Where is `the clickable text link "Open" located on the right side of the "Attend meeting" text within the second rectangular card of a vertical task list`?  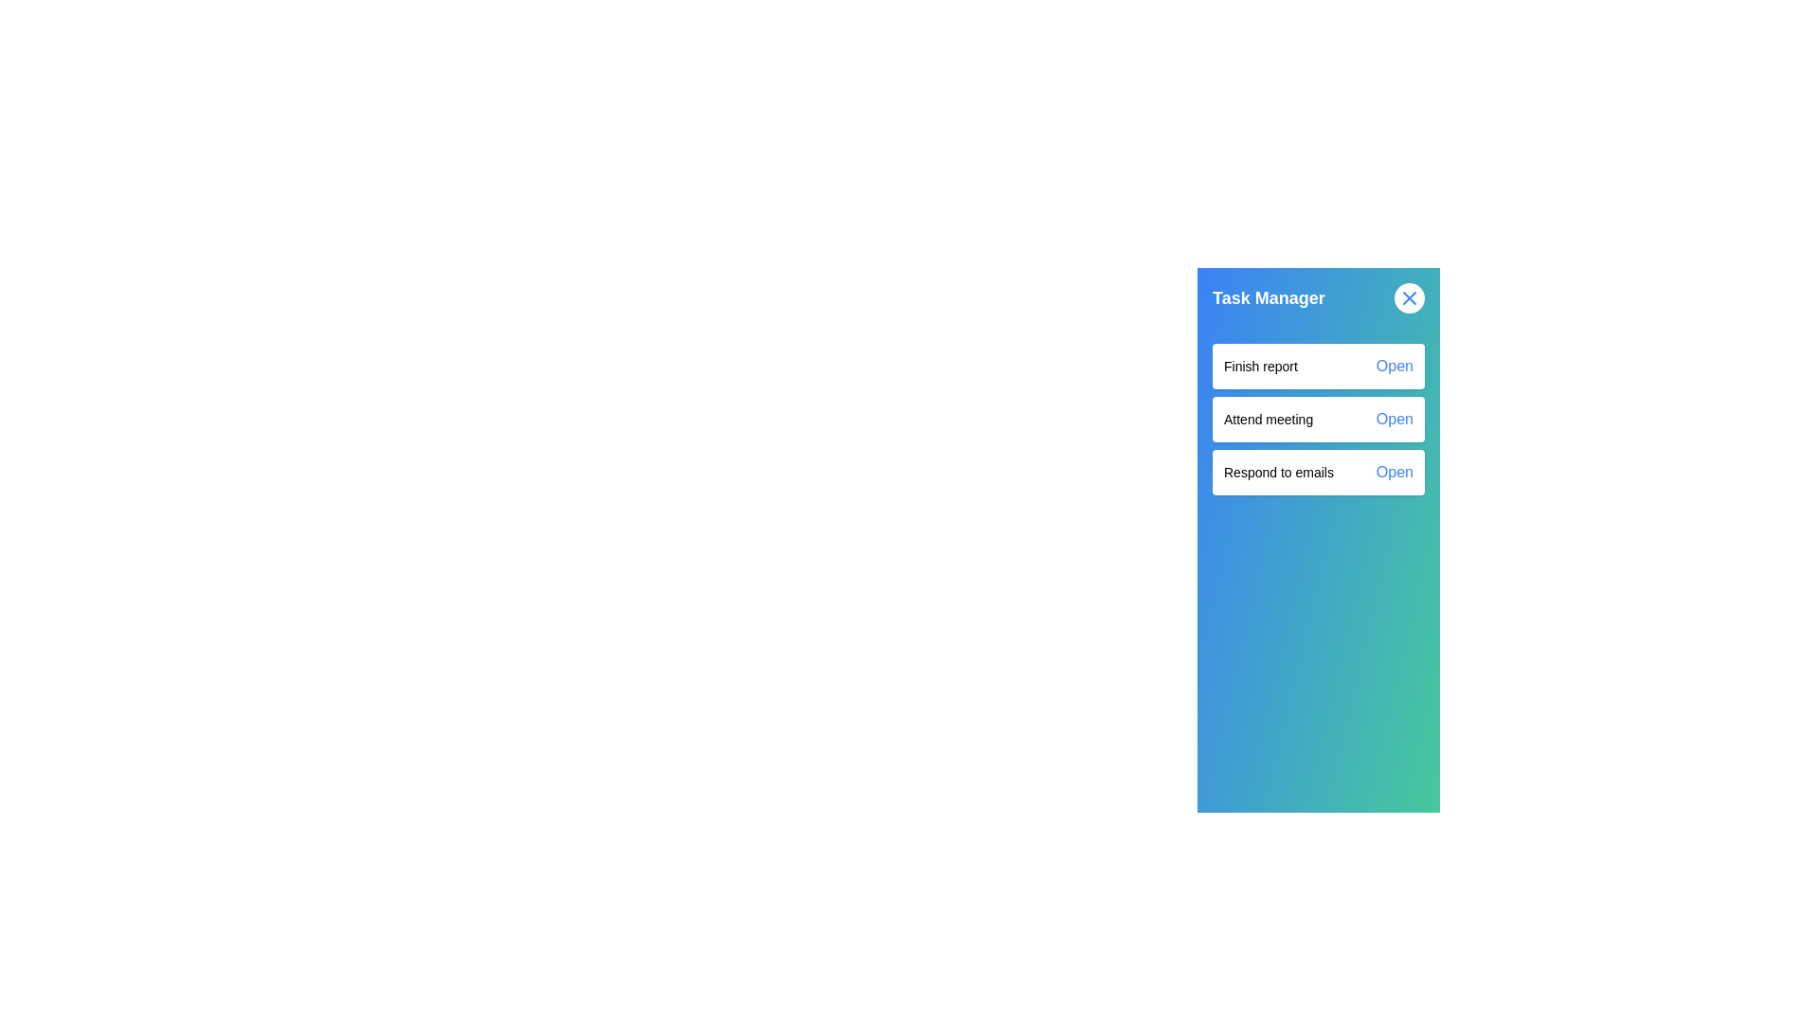 the clickable text link "Open" located on the right side of the "Attend meeting" text within the second rectangular card of a vertical task list is located at coordinates (1395, 419).